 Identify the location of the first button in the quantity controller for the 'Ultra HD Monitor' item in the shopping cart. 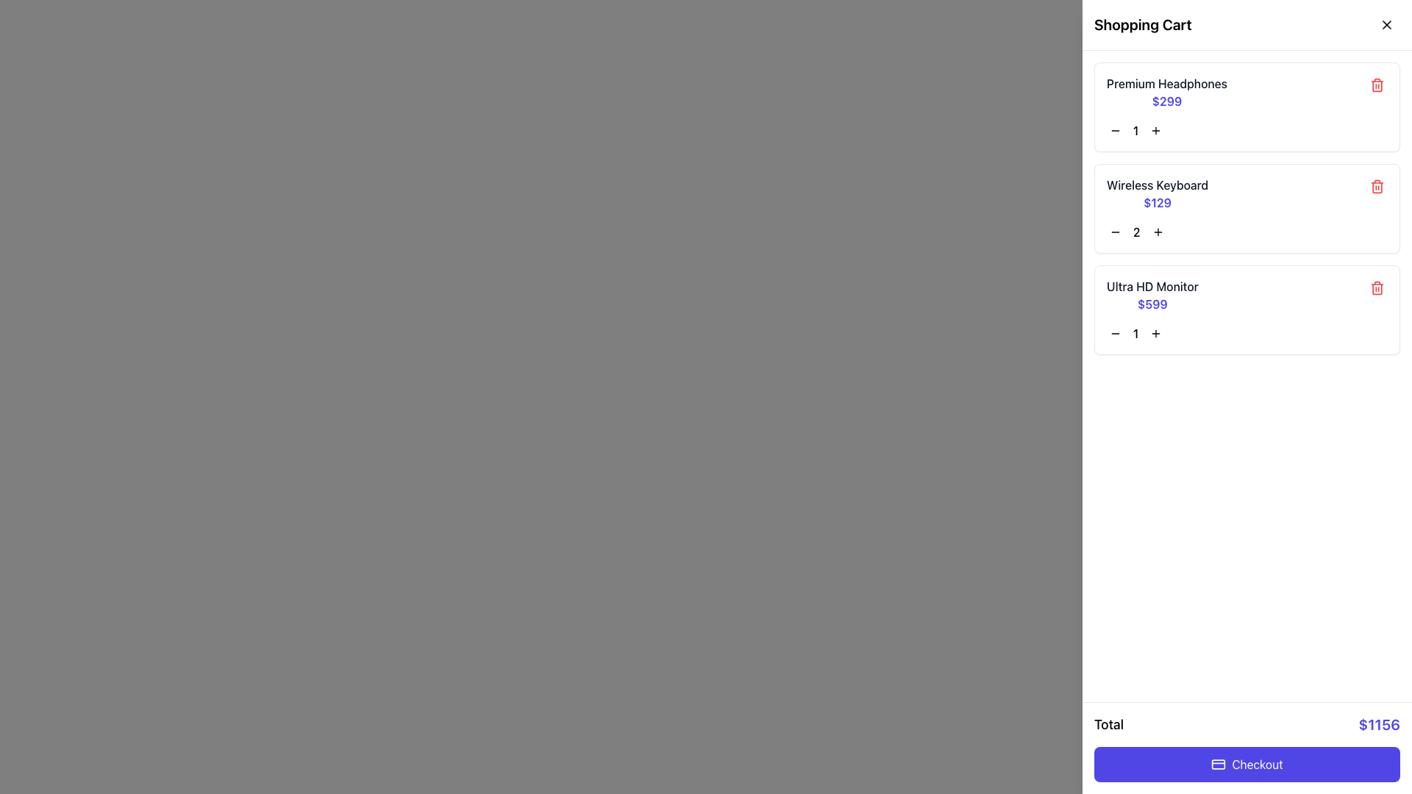
(1115, 334).